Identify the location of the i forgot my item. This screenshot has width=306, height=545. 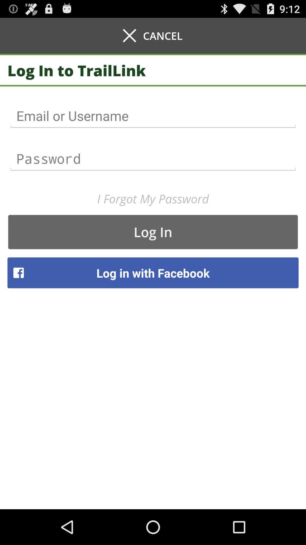
(153, 199).